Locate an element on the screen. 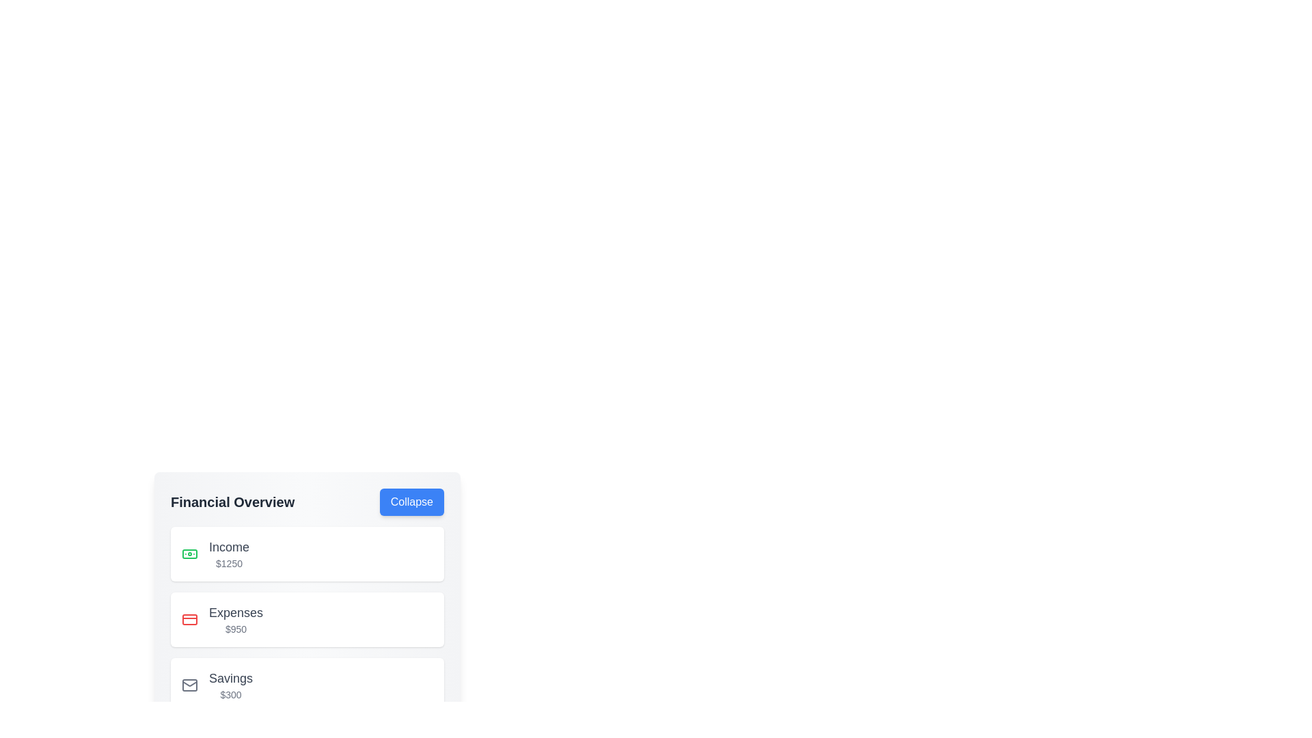  the open envelope icon representing email or messaging located in the 'Savings' widget adjacent to the text 'Savings $300' is located at coordinates (189, 685).